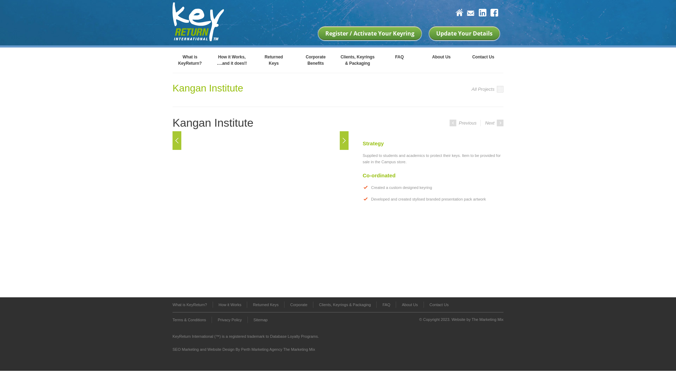 The image size is (676, 380). What do you see at coordinates (198, 20) in the screenshot?
I see `'KeyReturn'` at bounding box center [198, 20].